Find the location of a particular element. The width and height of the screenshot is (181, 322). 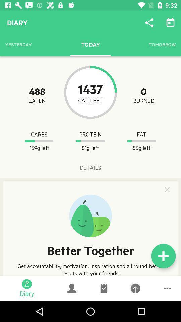

the add icon is located at coordinates (163, 256).